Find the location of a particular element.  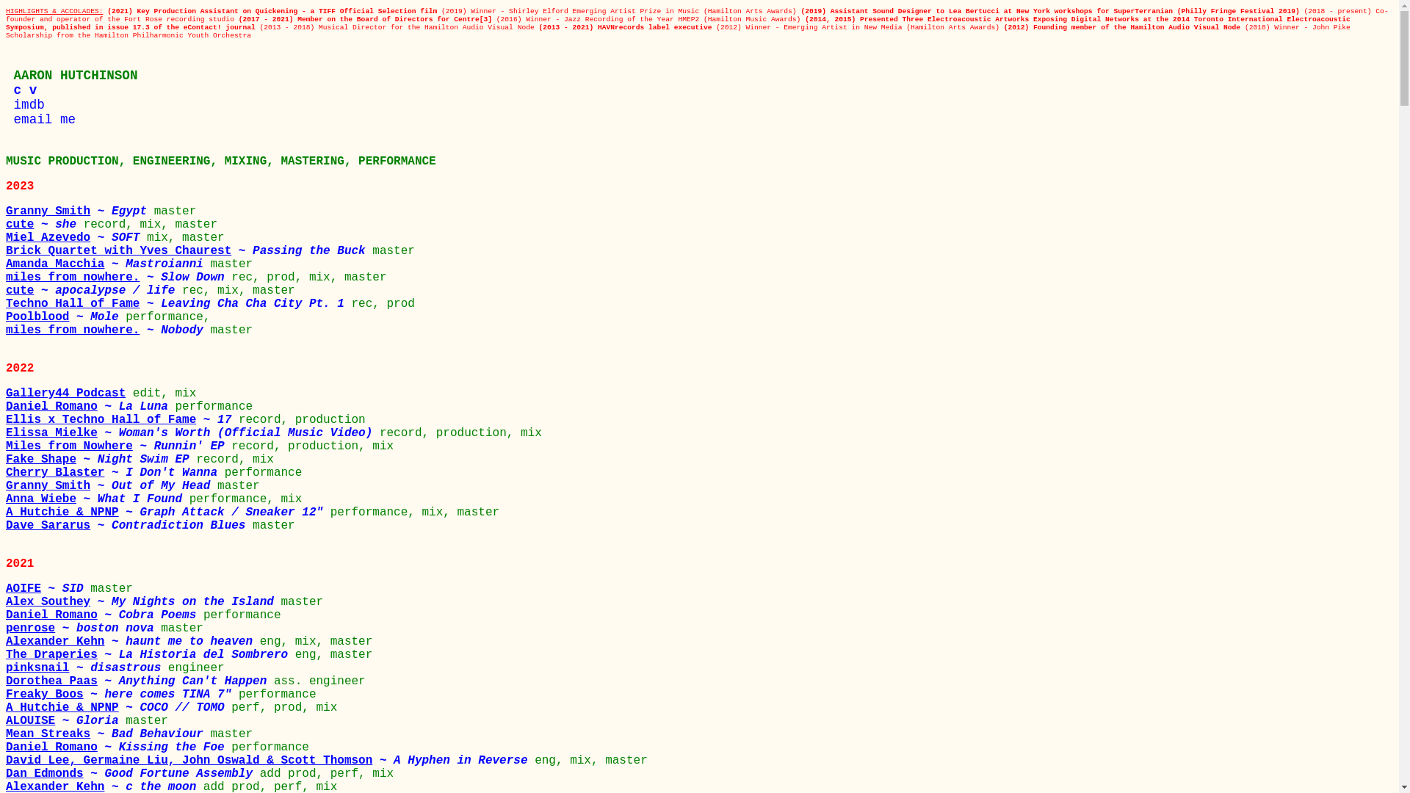

'The Draperies ~ La Historia del Sombrero' is located at coordinates (6, 653).